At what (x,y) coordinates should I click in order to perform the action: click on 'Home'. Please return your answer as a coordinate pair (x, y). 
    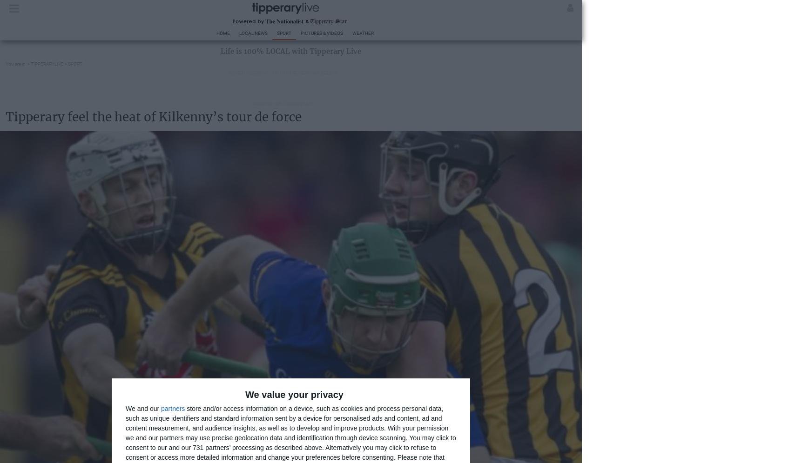
    Looking at the image, I should click on (223, 33).